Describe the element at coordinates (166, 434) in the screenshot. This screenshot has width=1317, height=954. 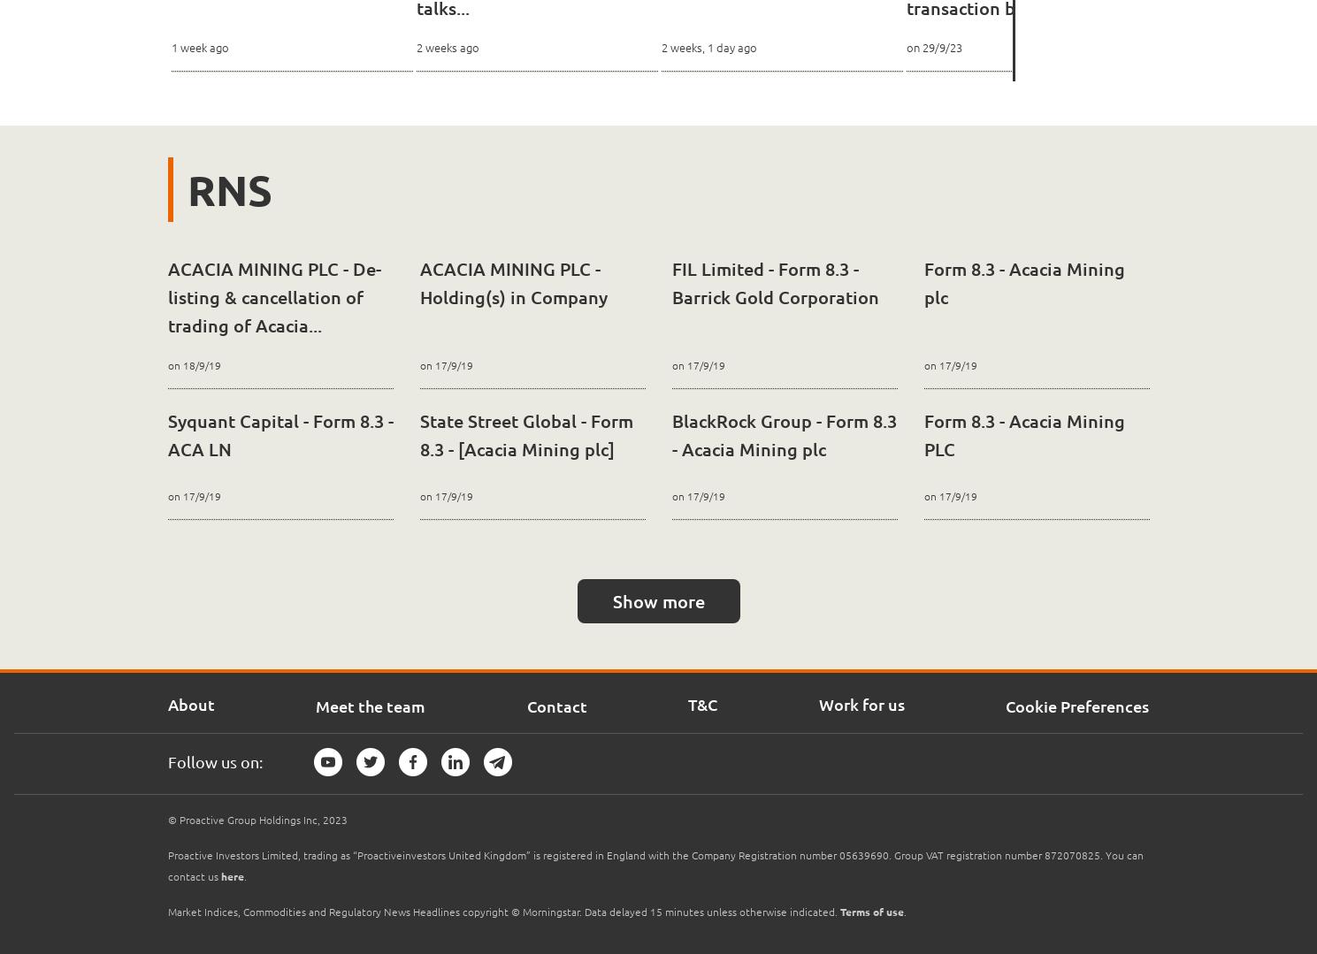
I see `'Syquant Capital - Form 8.3 - ACA LN'` at that location.